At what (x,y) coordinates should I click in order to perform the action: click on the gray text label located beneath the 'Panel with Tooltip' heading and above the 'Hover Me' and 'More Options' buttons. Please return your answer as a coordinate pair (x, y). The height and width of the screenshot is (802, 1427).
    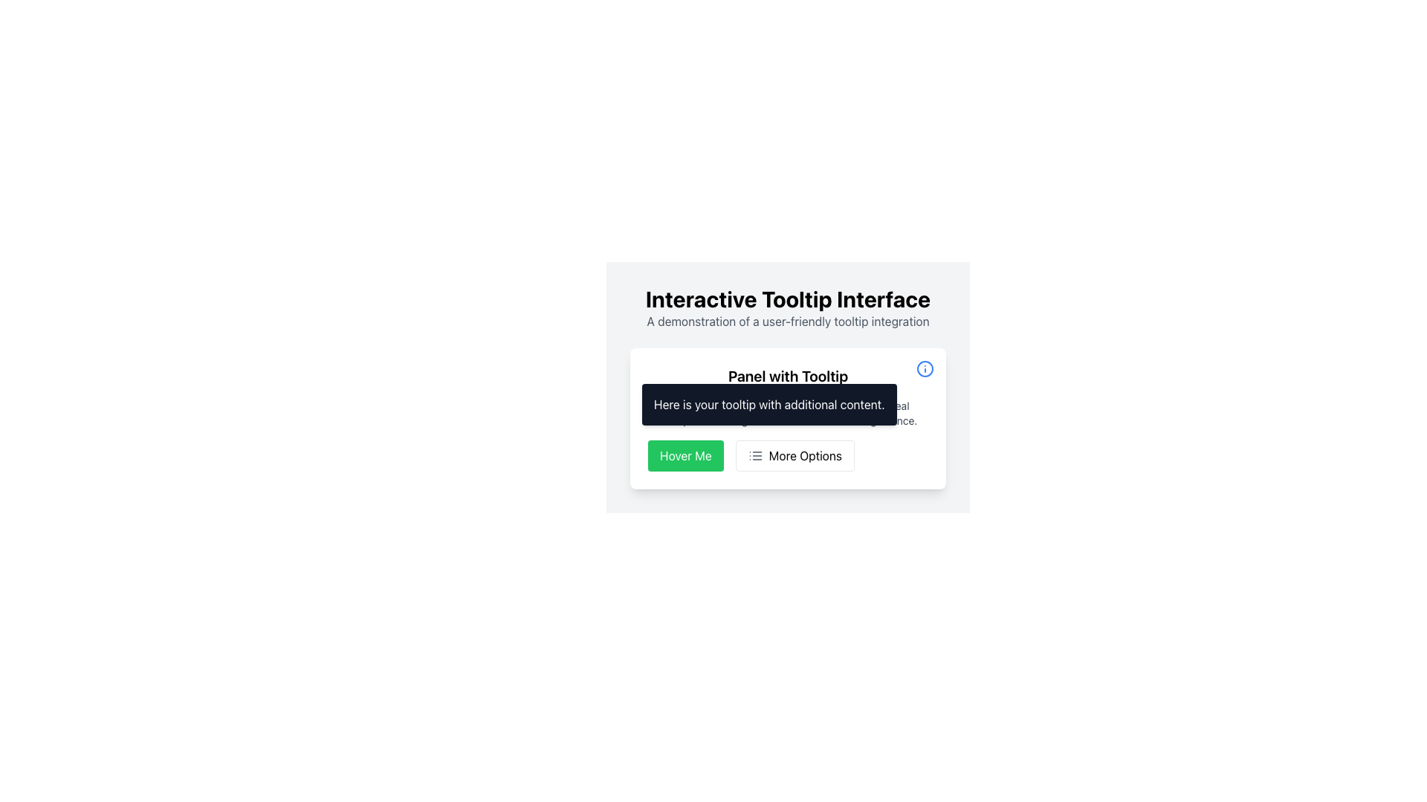
    Looking at the image, I should click on (787, 413).